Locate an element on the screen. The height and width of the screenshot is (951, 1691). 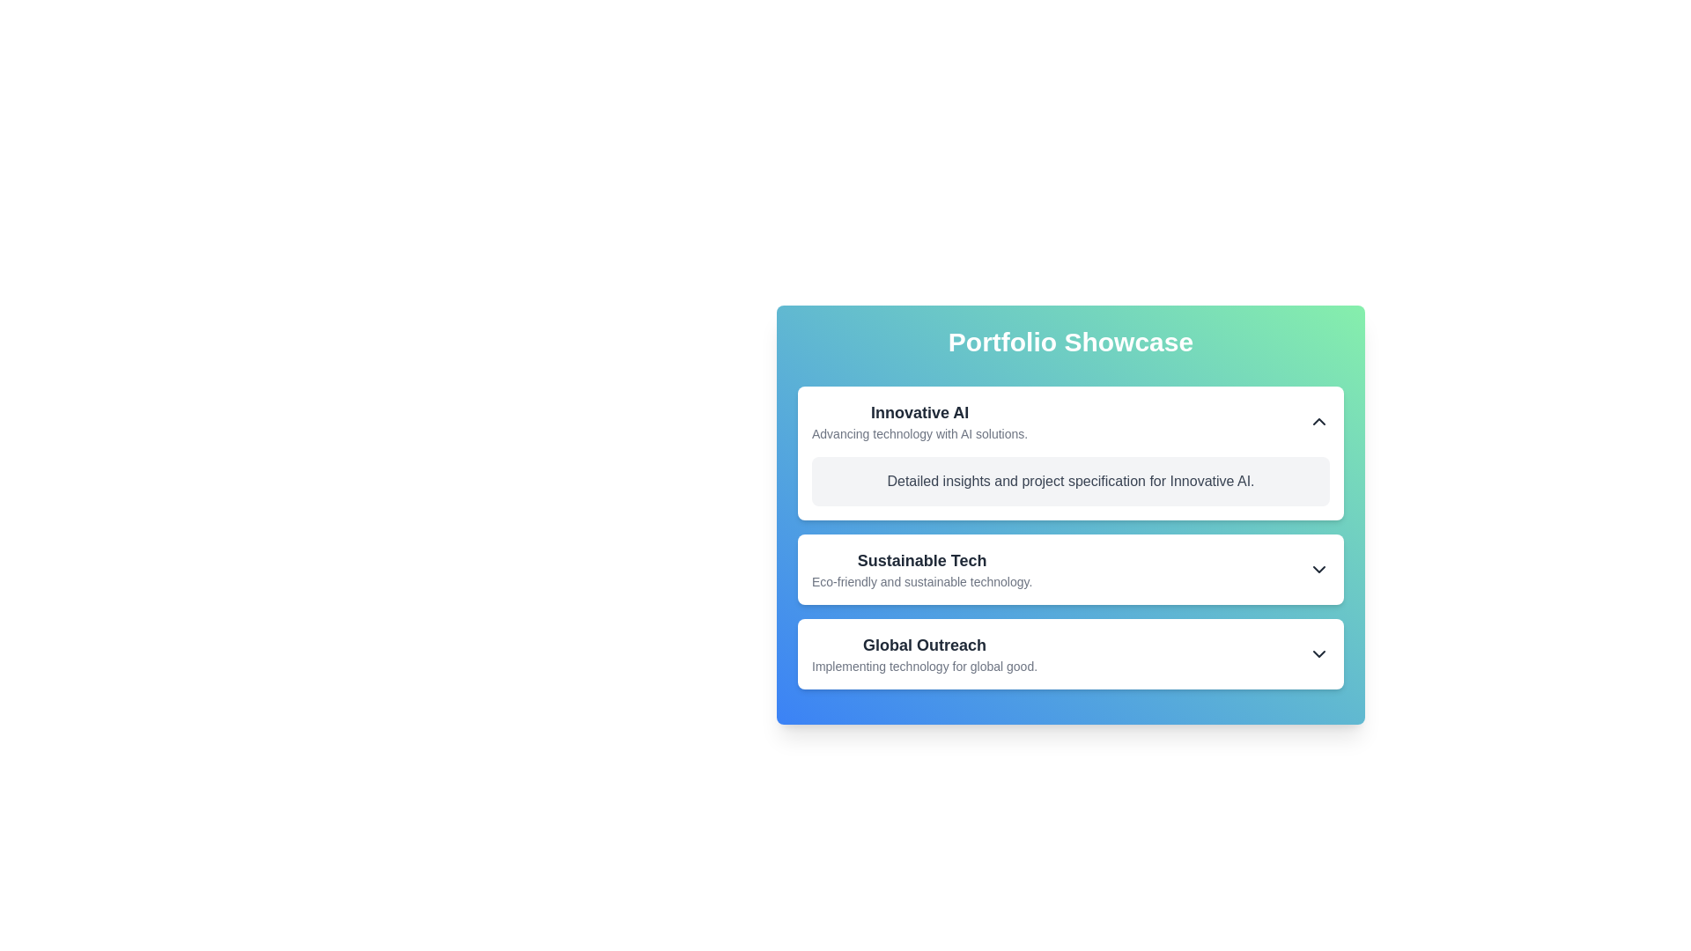
the static text label providing additional information about 'Sustainable Tech', located directly below the header text in the 'Portfolio Showcase' card interface is located at coordinates (921, 581).